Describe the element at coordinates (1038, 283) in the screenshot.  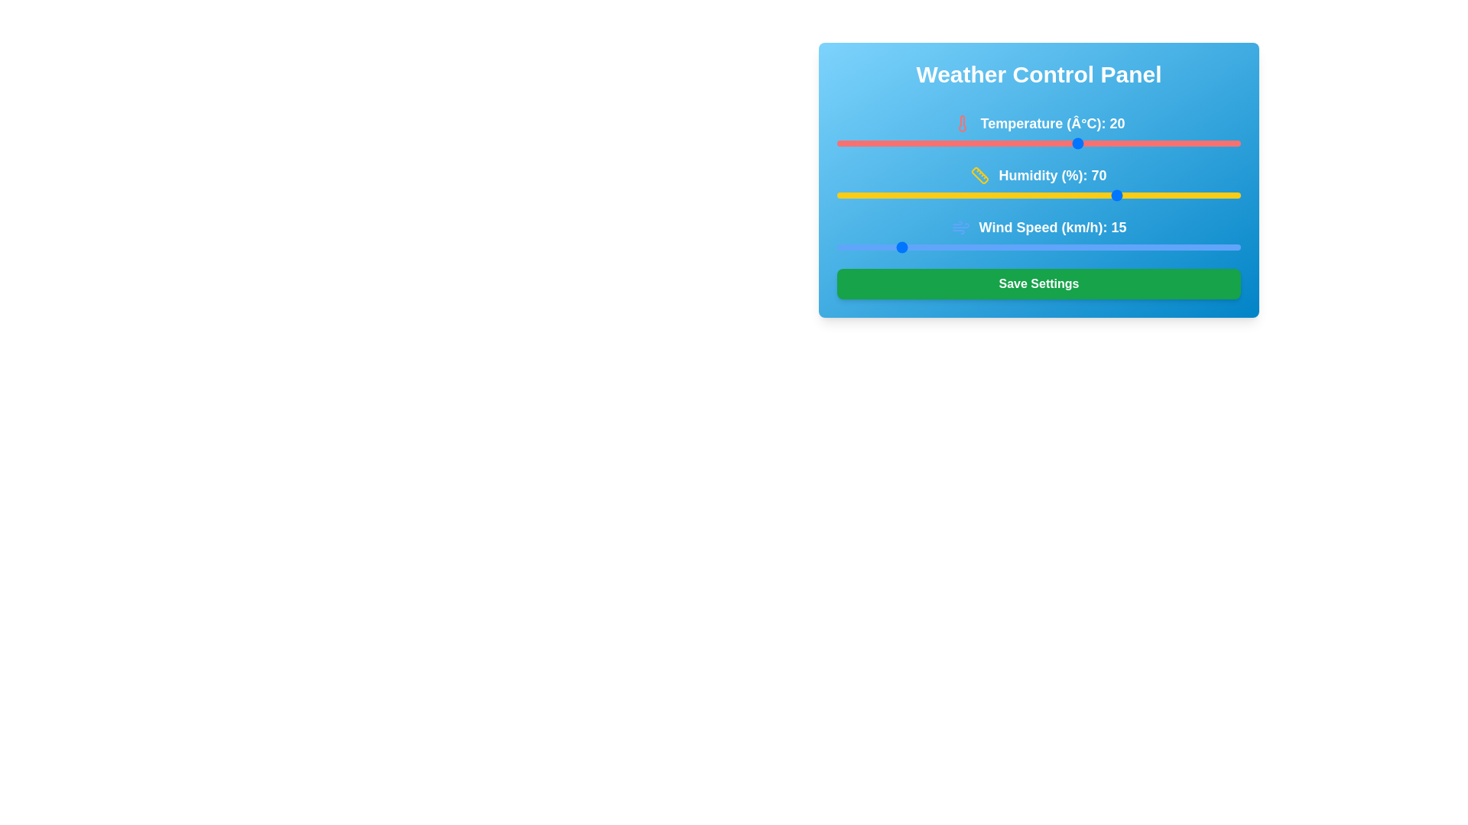
I see `the save button located at the bottom of the Weather Control Panel to observe hover effects` at that location.